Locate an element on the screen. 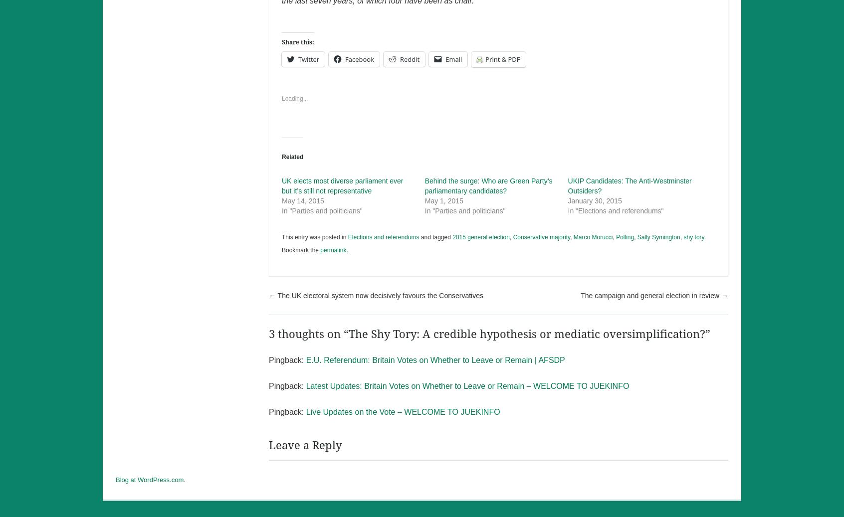 The height and width of the screenshot is (517, 844). '2015 general election' is located at coordinates (480, 236).